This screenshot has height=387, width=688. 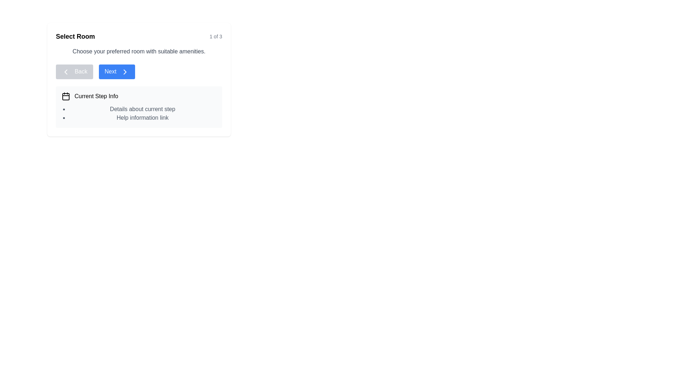 What do you see at coordinates (215, 36) in the screenshot?
I see `the text label displaying '1 of 3' which is aligned to the right side of the header block labeled 'Select Room.'` at bounding box center [215, 36].